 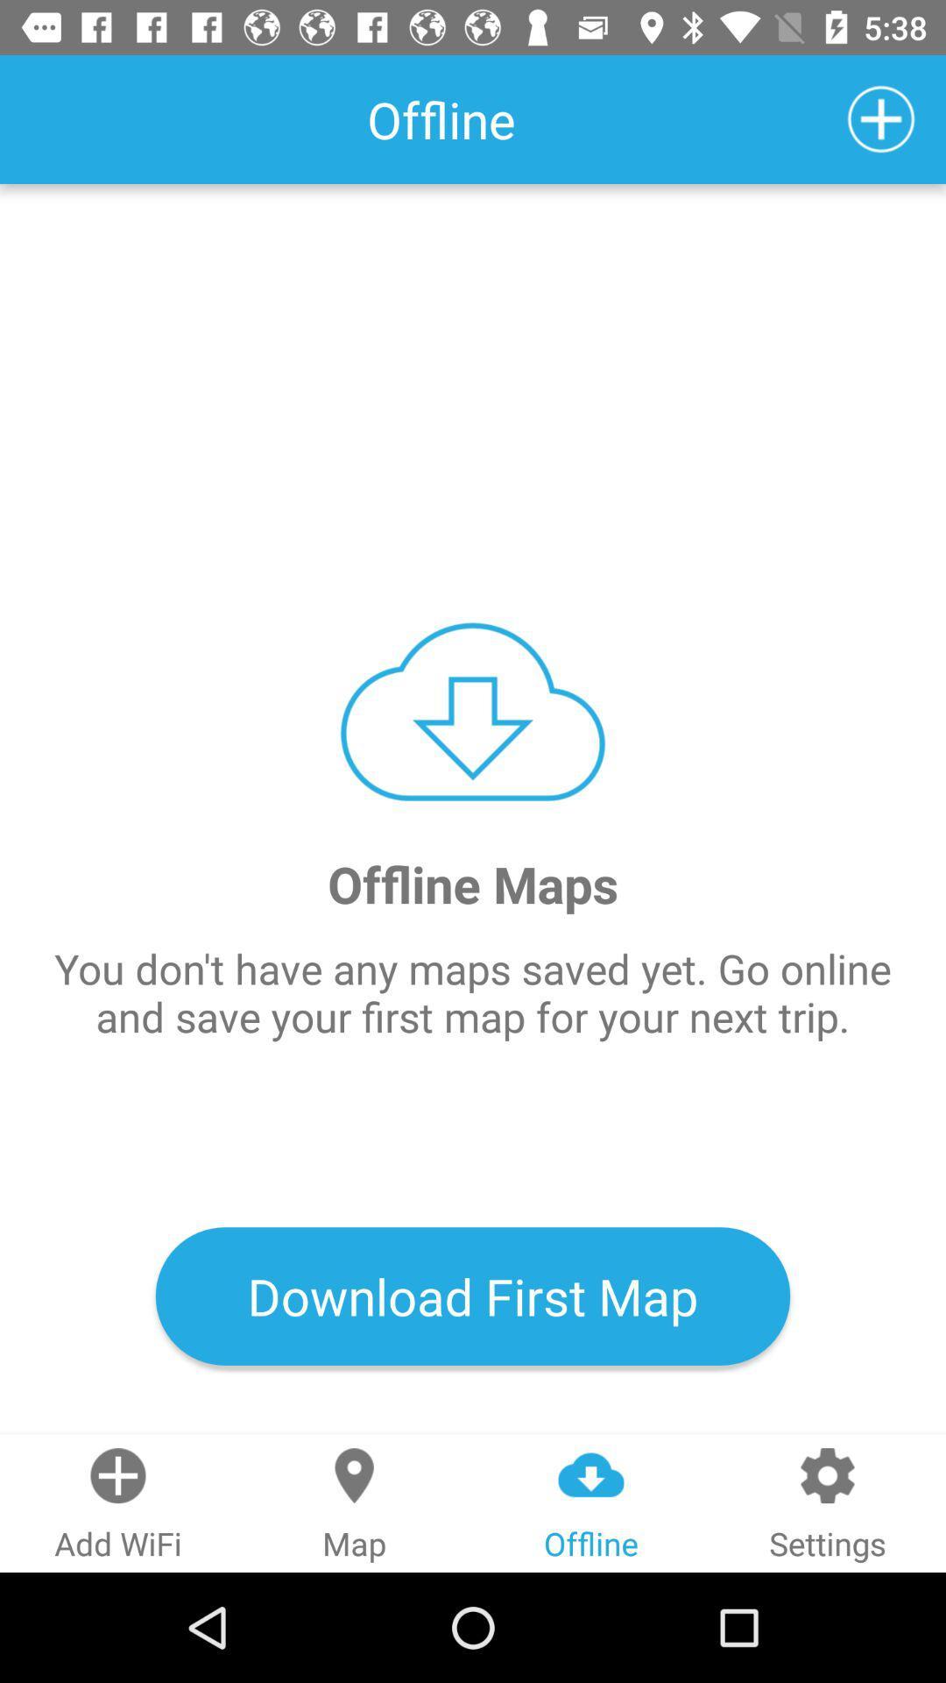 What do you see at coordinates (355, 1502) in the screenshot?
I see `the icon which says map` at bounding box center [355, 1502].